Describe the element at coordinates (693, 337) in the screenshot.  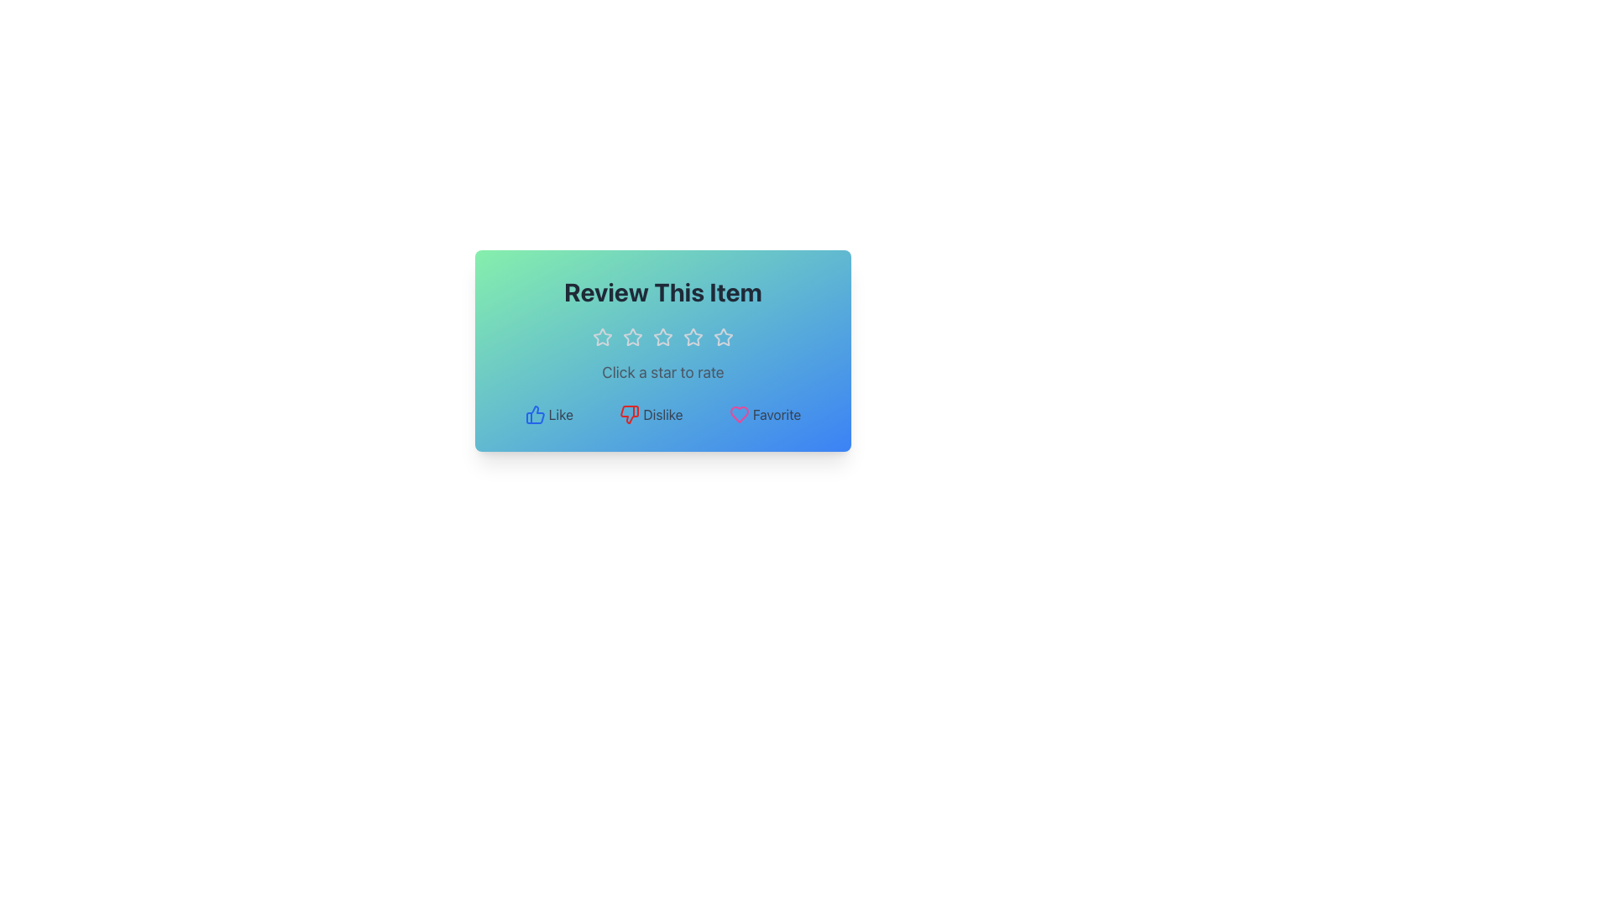
I see `the fourth star-shaped icon in the rating component to rate it` at that location.